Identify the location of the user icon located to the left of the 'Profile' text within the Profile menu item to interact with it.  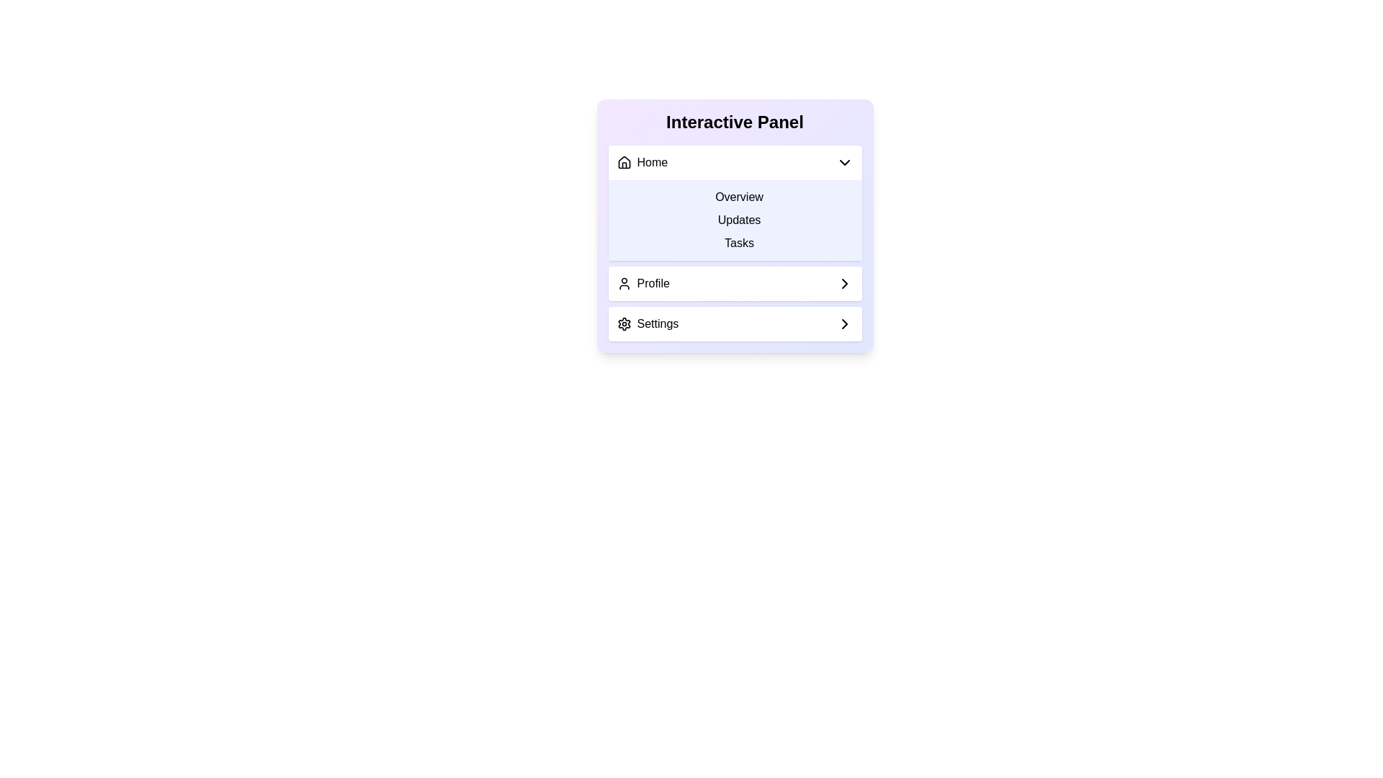
(624, 283).